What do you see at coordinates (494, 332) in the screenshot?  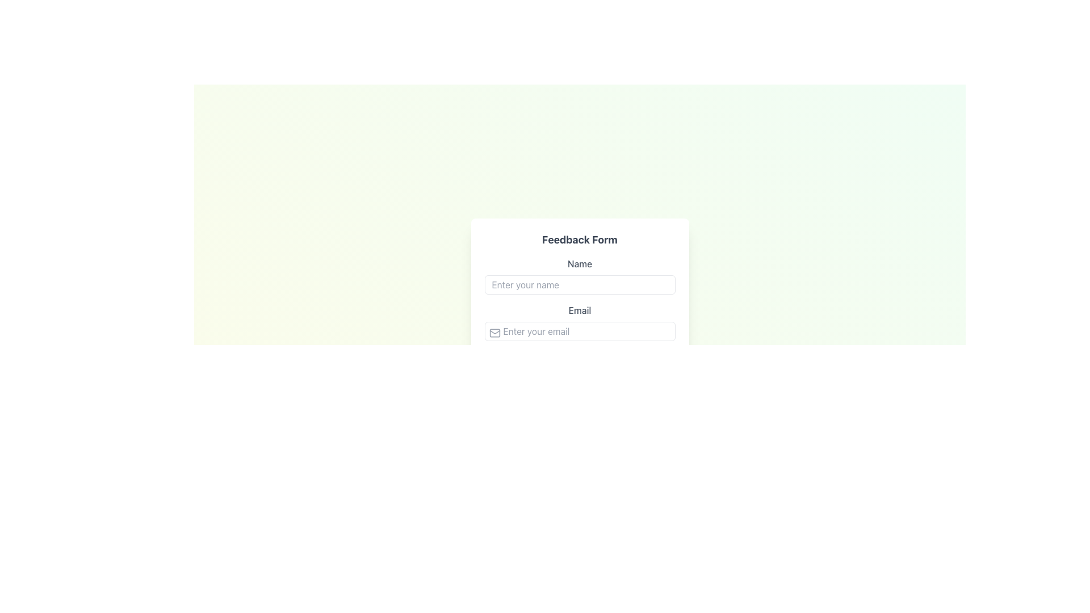 I see `the envelope icon representing email functionality, which is light gray with a rounded border, located to the left of the email input field in the feedback form UI` at bounding box center [494, 332].